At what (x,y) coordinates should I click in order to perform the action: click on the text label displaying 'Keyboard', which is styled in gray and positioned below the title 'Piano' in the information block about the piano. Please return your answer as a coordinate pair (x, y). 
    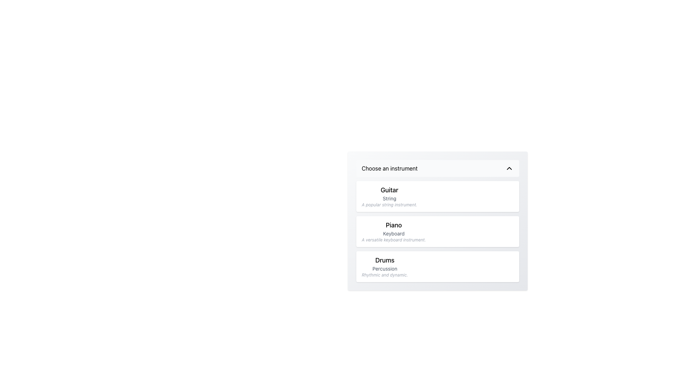
    Looking at the image, I should click on (394, 234).